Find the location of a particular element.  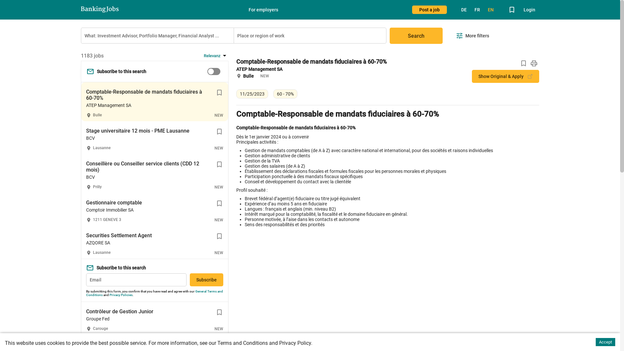

'Securities Settlement Agent' is located at coordinates (85, 235).